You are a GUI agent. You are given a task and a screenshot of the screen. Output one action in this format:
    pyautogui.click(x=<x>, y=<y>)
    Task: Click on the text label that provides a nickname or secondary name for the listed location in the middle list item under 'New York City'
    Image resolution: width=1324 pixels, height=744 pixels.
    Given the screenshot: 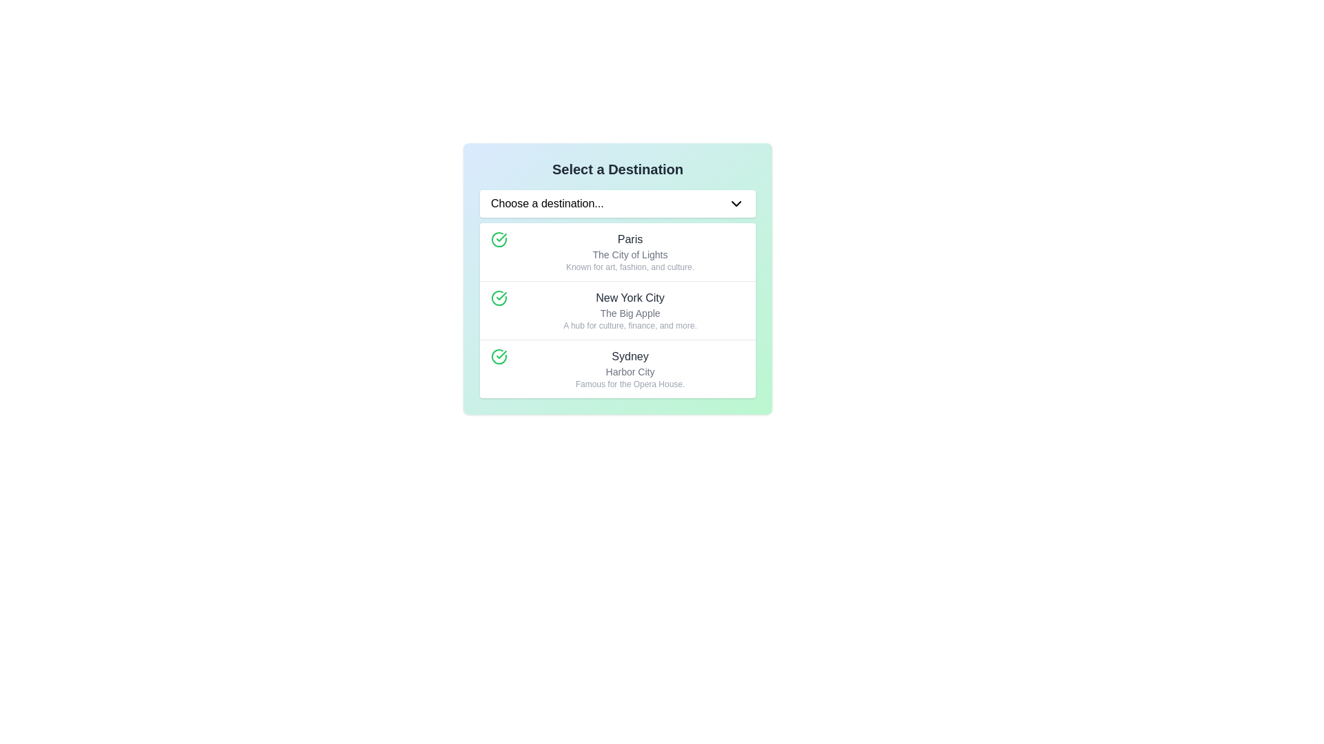 What is the action you would take?
    pyautogui.click(x=629, y=313)
    